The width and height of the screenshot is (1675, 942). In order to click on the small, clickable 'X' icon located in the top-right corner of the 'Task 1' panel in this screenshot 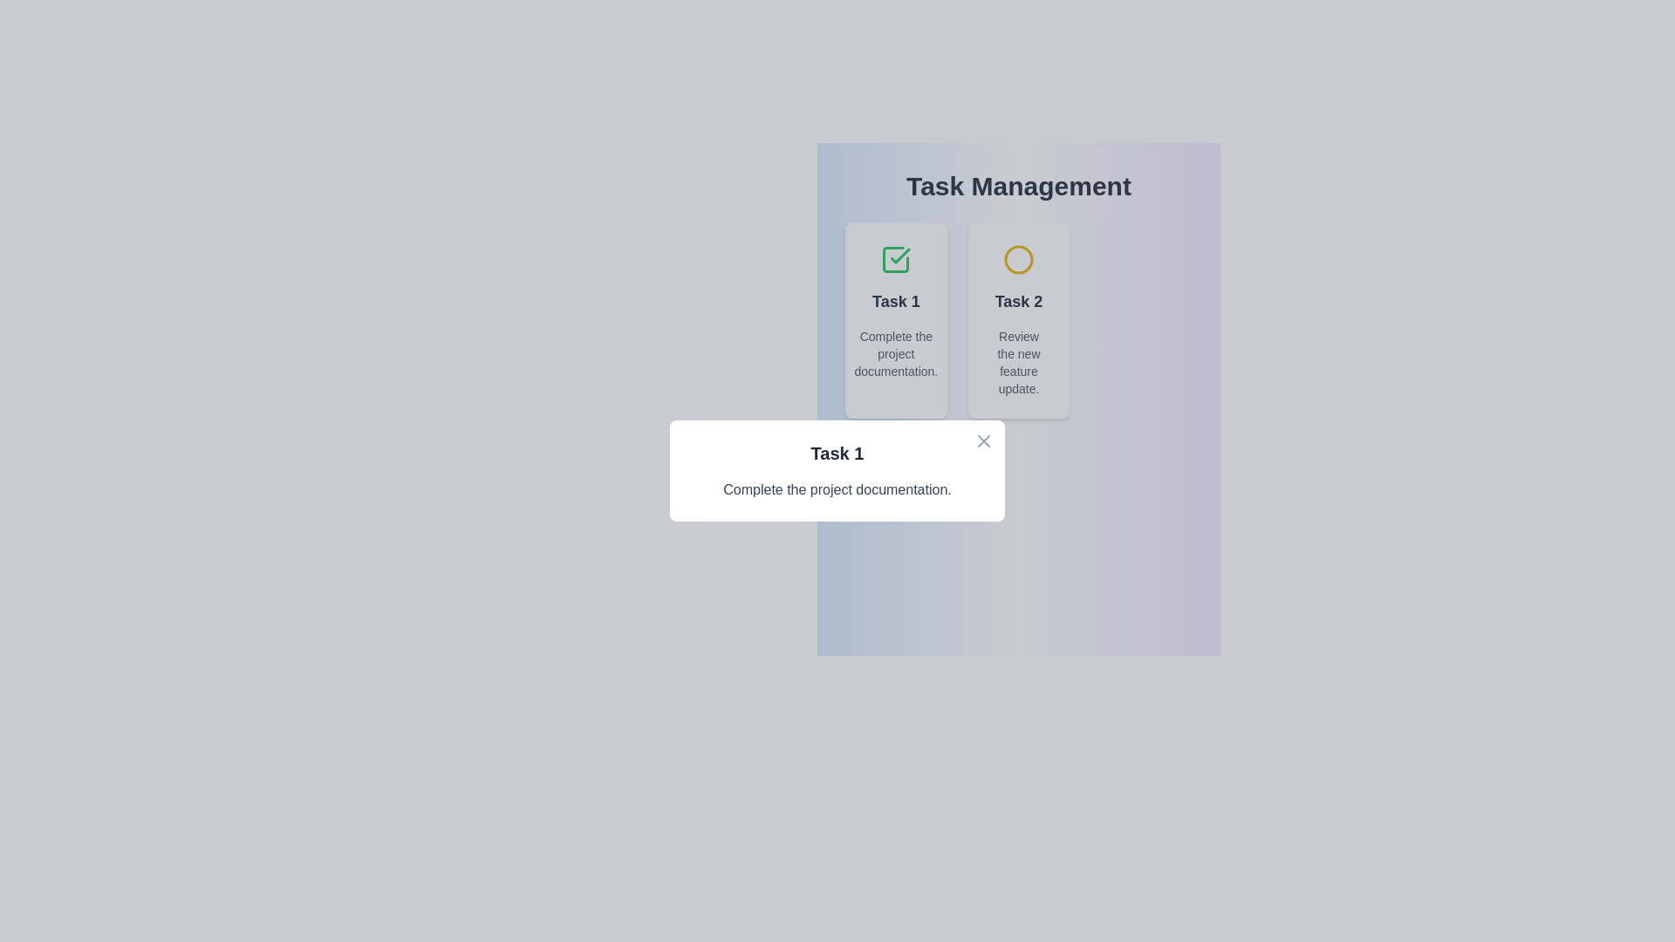, I will do `click(984, 440)`.